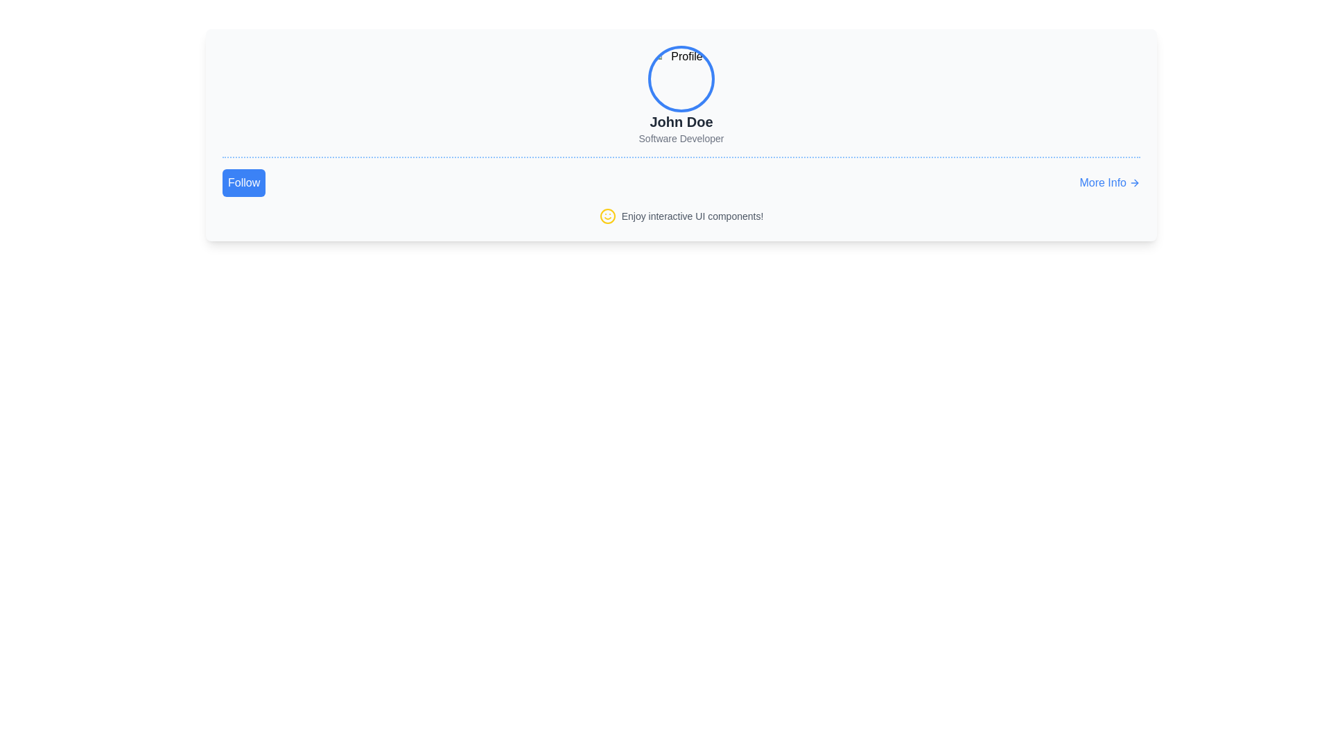  What do you see at coordinates (607, 216) in the screenshot?
I see `the graphical icon depicting a smiling face, which serves as a decorative component in the interface, located above the text 'Enjoy interactive UI components!'` at bounding box center [607, 216].